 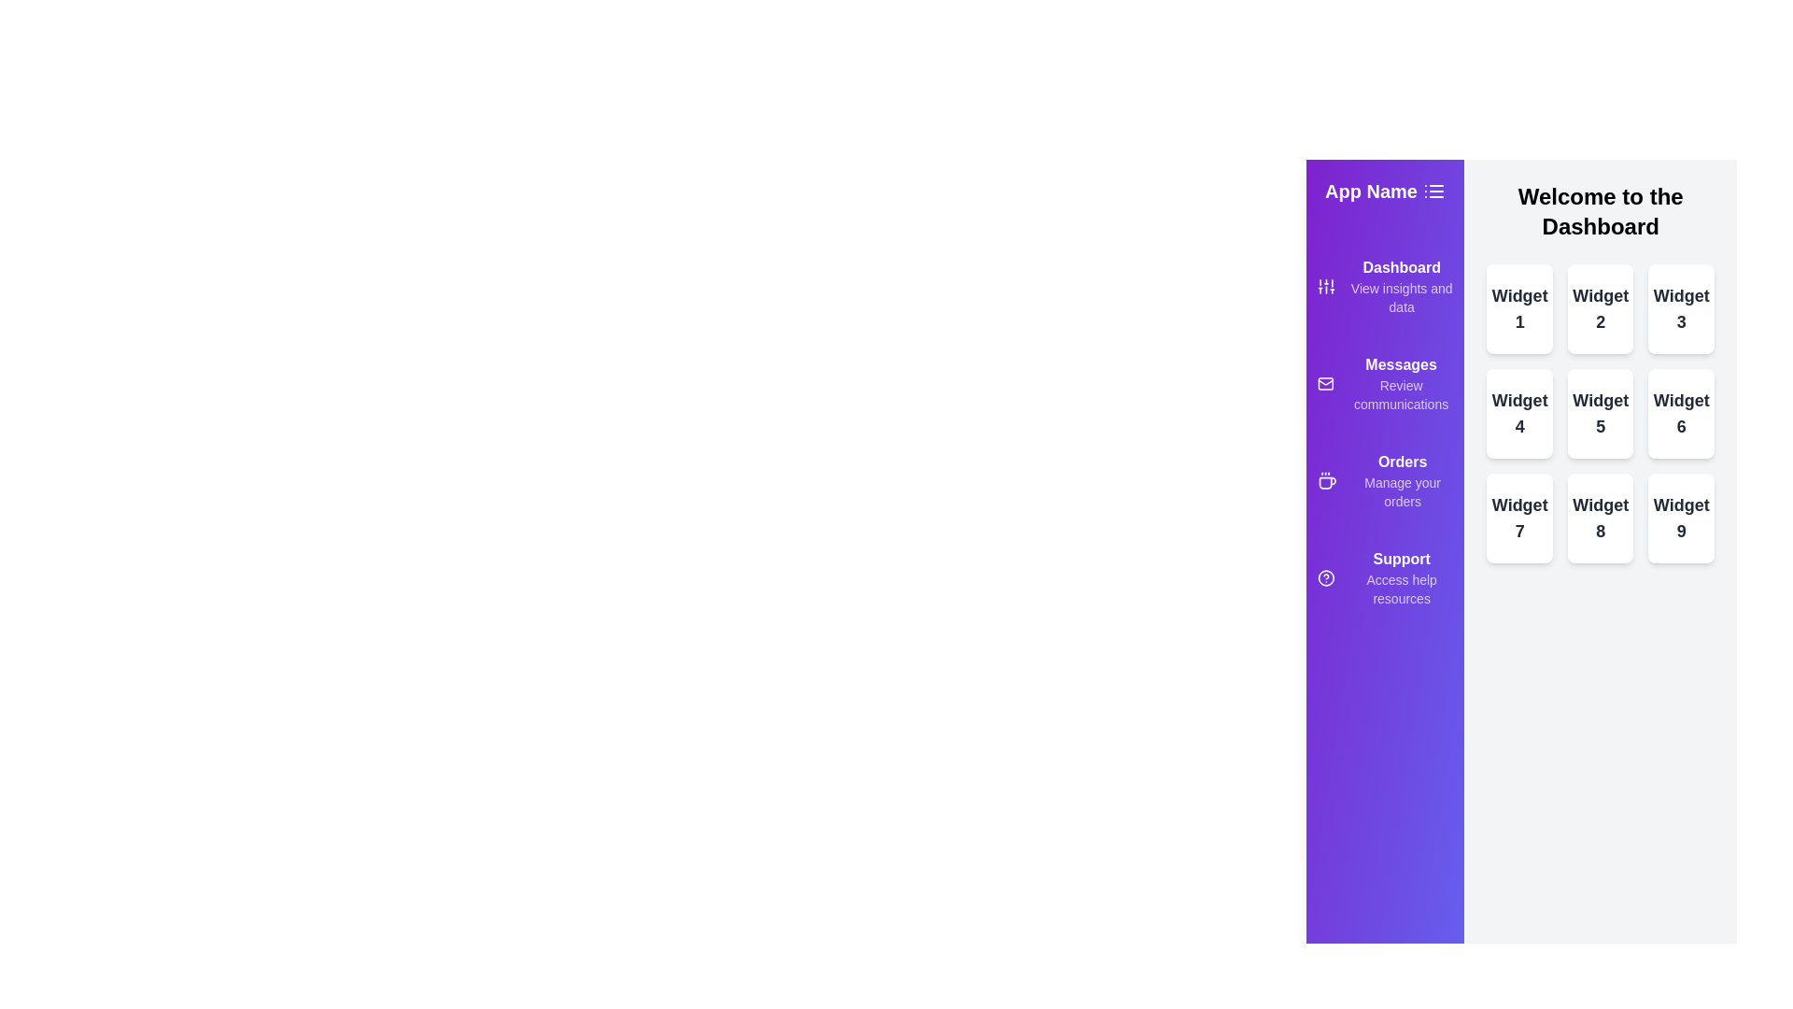 I want to click on the menu item Messages, so click(x=1385, y=383).